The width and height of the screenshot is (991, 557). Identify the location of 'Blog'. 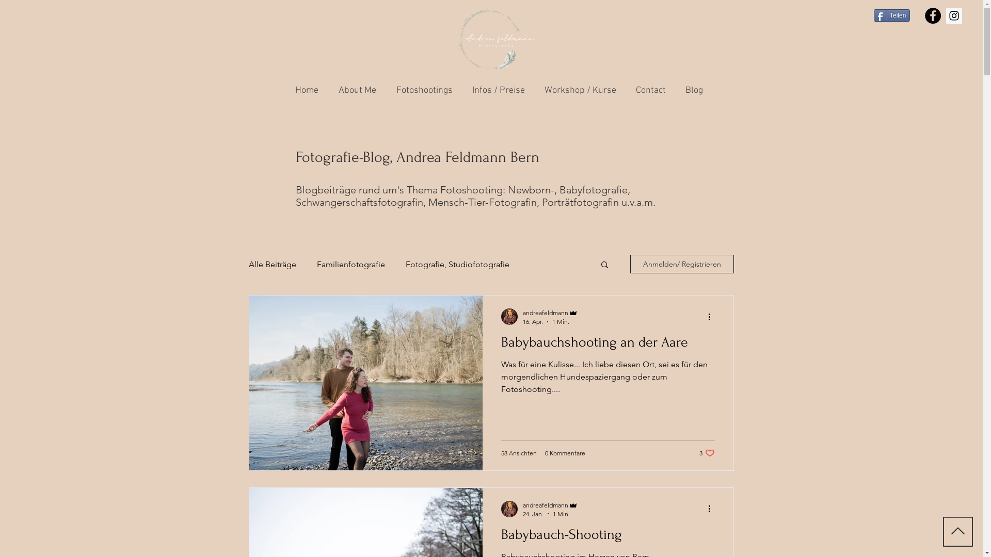
(688, 90).